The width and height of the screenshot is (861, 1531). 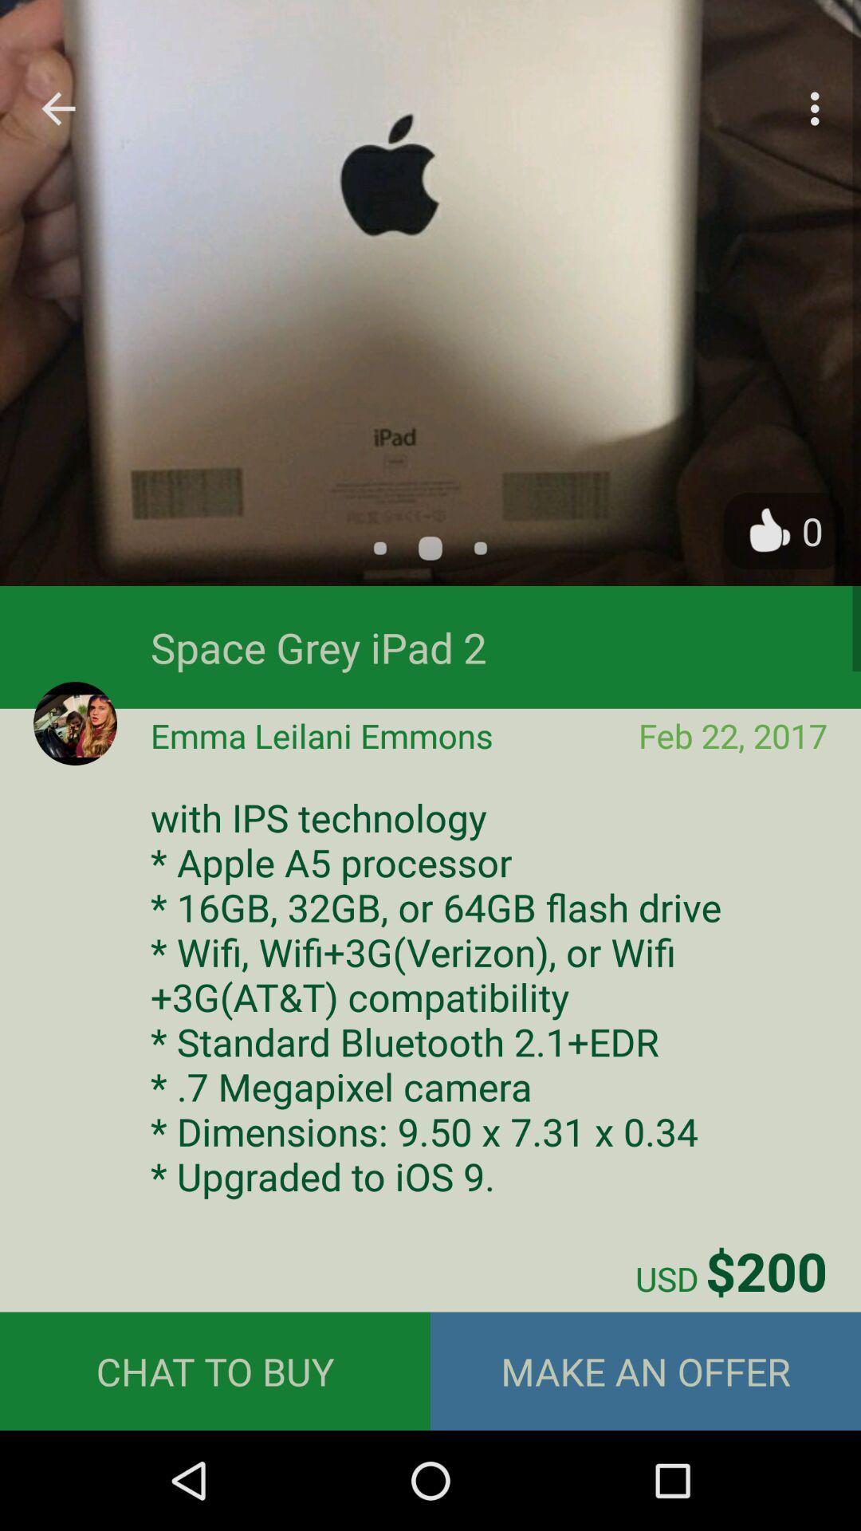 I want to click on the avatar icon, so click(x=75, y=722).